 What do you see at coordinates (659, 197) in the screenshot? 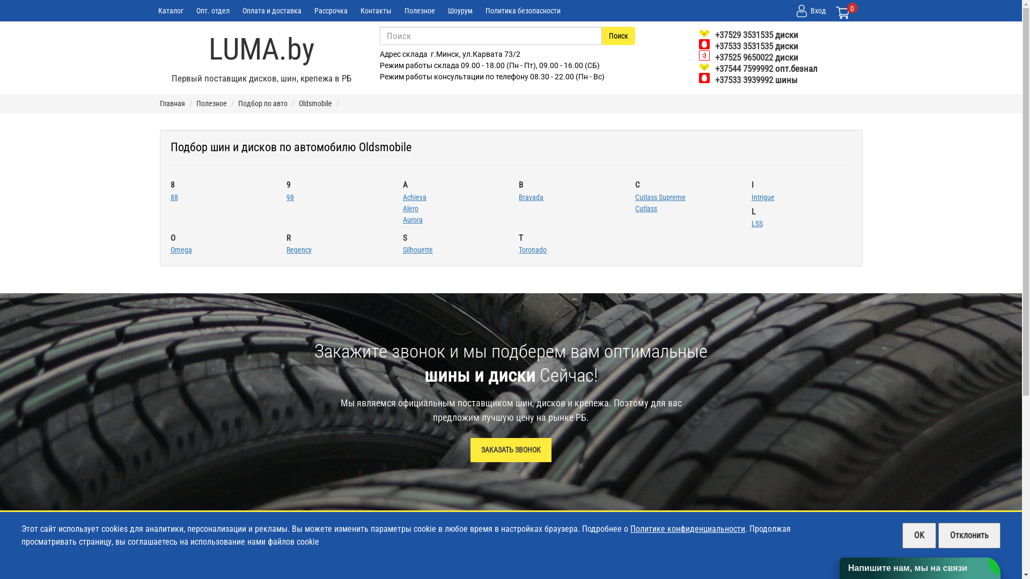
I see `'Cutlass Supreme'` at bounding box center [659, 197].